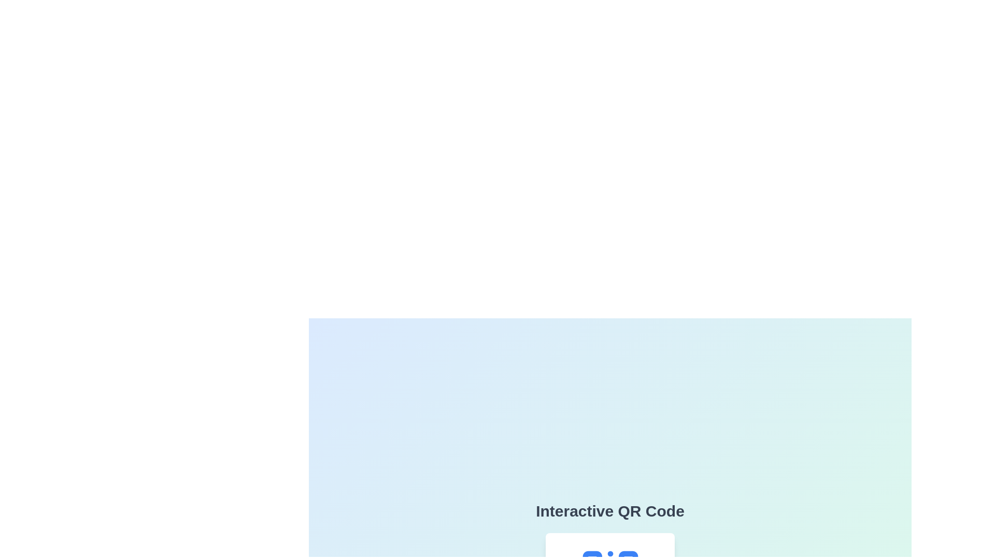 The height and width of the screenshot is (559, 995). I want to click on text element that displays 'Interactive QR Code', which is styled in bold gray font over a gradient blue background and serves as a header for the section, so click(610, 510).